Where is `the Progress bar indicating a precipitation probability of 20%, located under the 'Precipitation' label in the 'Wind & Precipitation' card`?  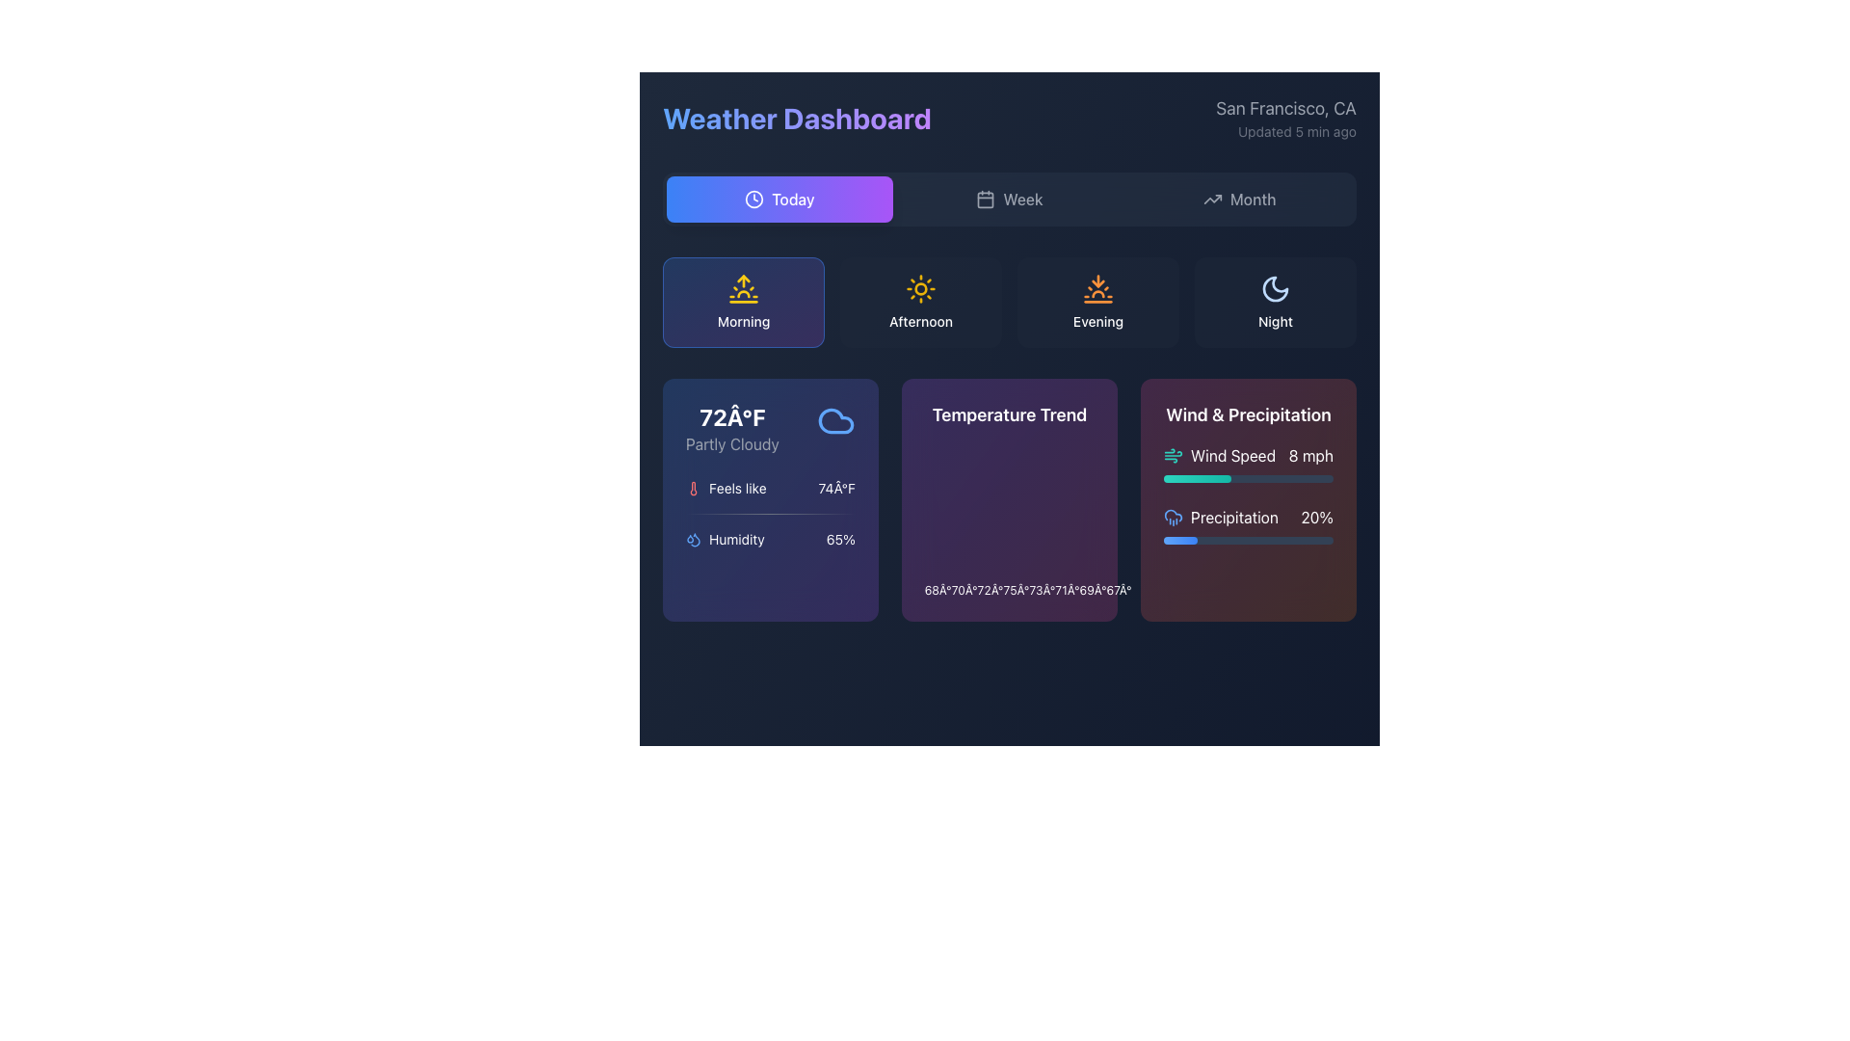 the Progress bar indicating a precipitation probability of 20%, located under the 'Precipitation' label in the 'Wind & Precipitation' card is located at coordinates (1249, 540).